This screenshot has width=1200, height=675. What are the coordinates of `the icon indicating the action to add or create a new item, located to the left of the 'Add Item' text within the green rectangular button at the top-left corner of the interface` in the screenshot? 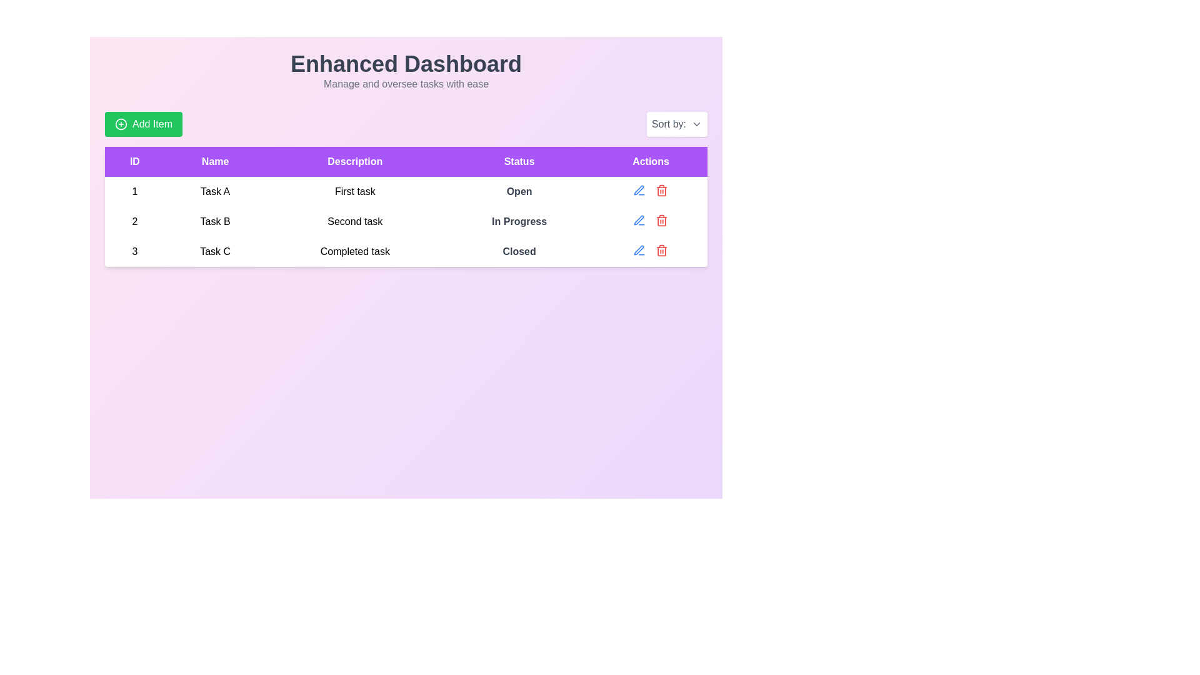 It's located at (121, 124).